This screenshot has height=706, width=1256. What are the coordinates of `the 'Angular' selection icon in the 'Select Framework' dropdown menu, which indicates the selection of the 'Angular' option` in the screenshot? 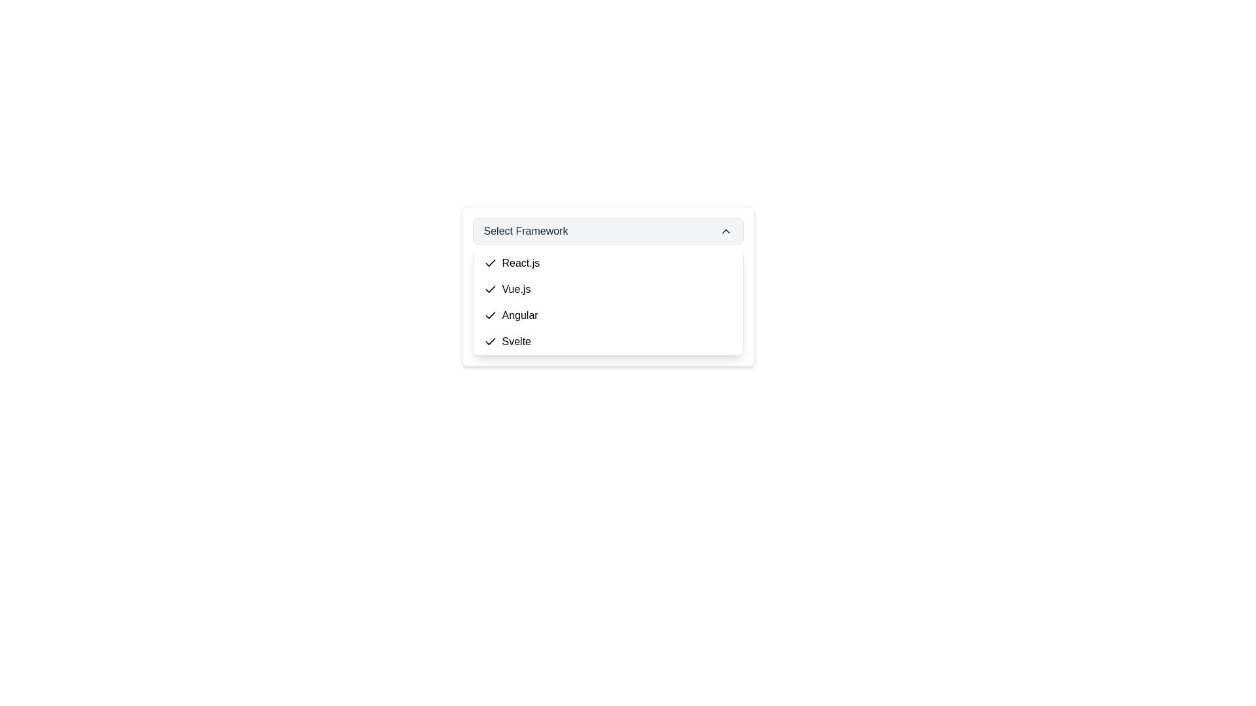 It's located at (489, 315).